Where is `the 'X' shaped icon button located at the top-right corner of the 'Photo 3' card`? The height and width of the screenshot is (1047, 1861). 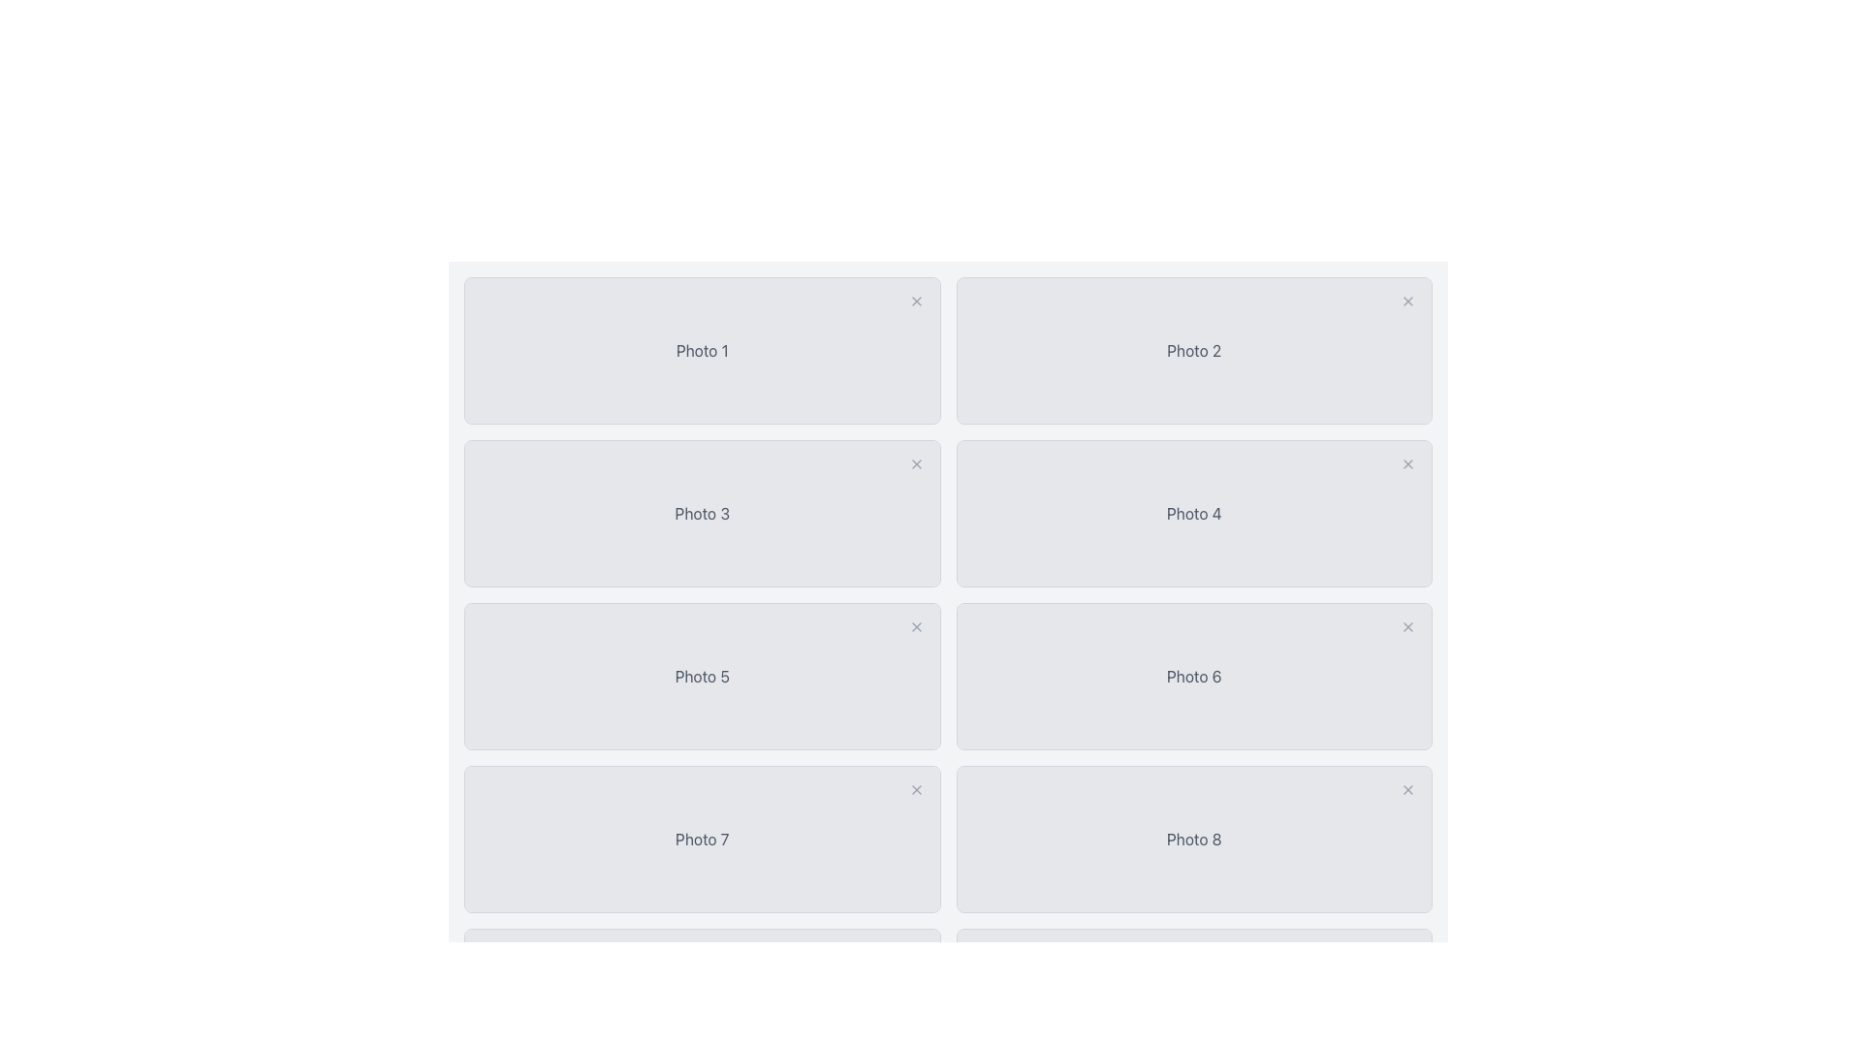 the 'X' shaped icon button located at the top-right corner of the 'Photo 3' card is located at coordinates (915, 463).